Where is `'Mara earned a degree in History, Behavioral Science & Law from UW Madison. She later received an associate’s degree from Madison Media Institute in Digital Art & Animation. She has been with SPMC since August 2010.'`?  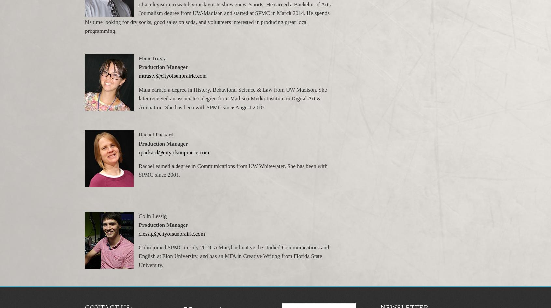 'Mara earned a degree in History, Behavioral Science & Law from UW Madison. She later received an associate’s degree from Madison Media Institute in Digital Art & Animation. She has been with SPMC since August 2010.' is located at coordinates (232, 98).